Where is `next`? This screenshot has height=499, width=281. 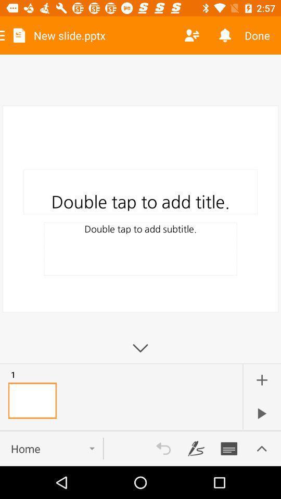
next is located at coordinates (261, 413).